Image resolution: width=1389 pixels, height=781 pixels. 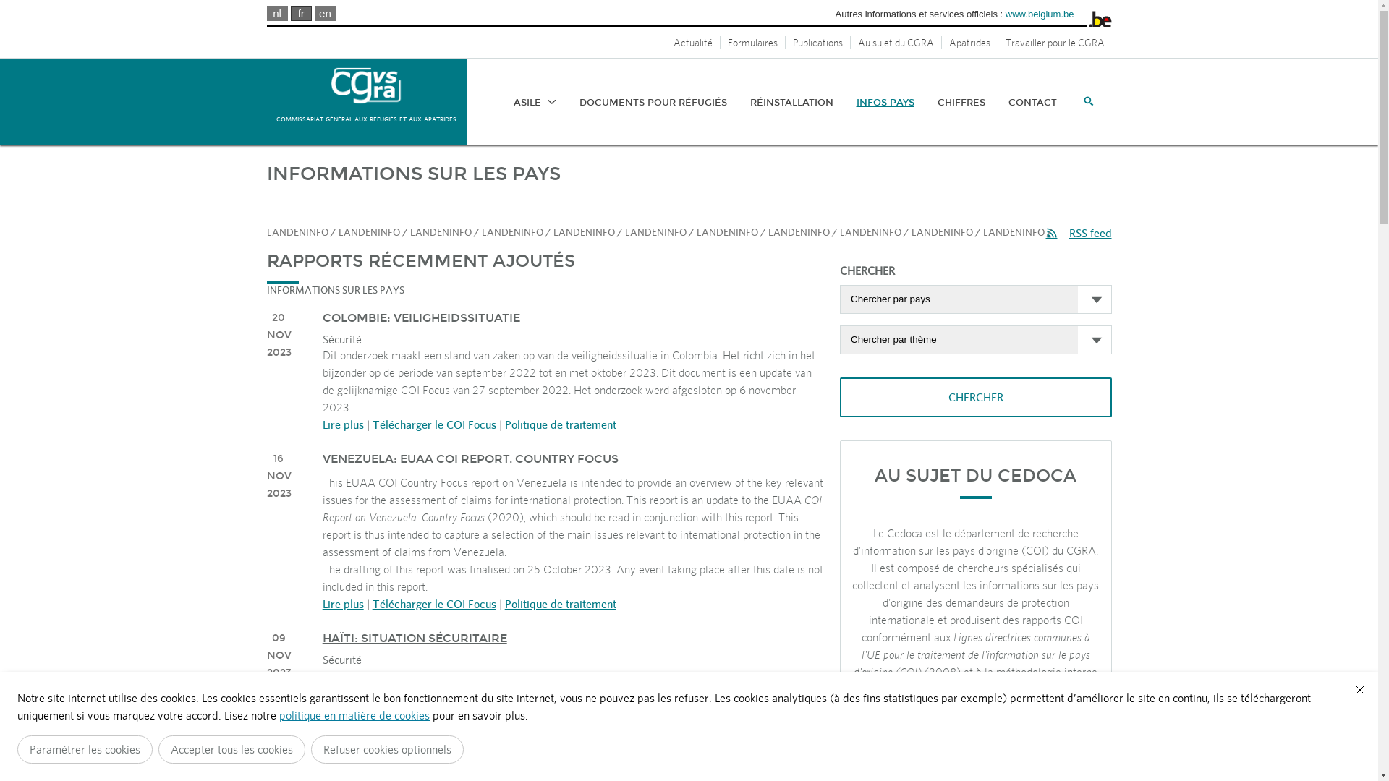 What do you see at coordinates (752, 41) in the screenshot?
I see `'Formulaires'` at bounding box center [752, 41].